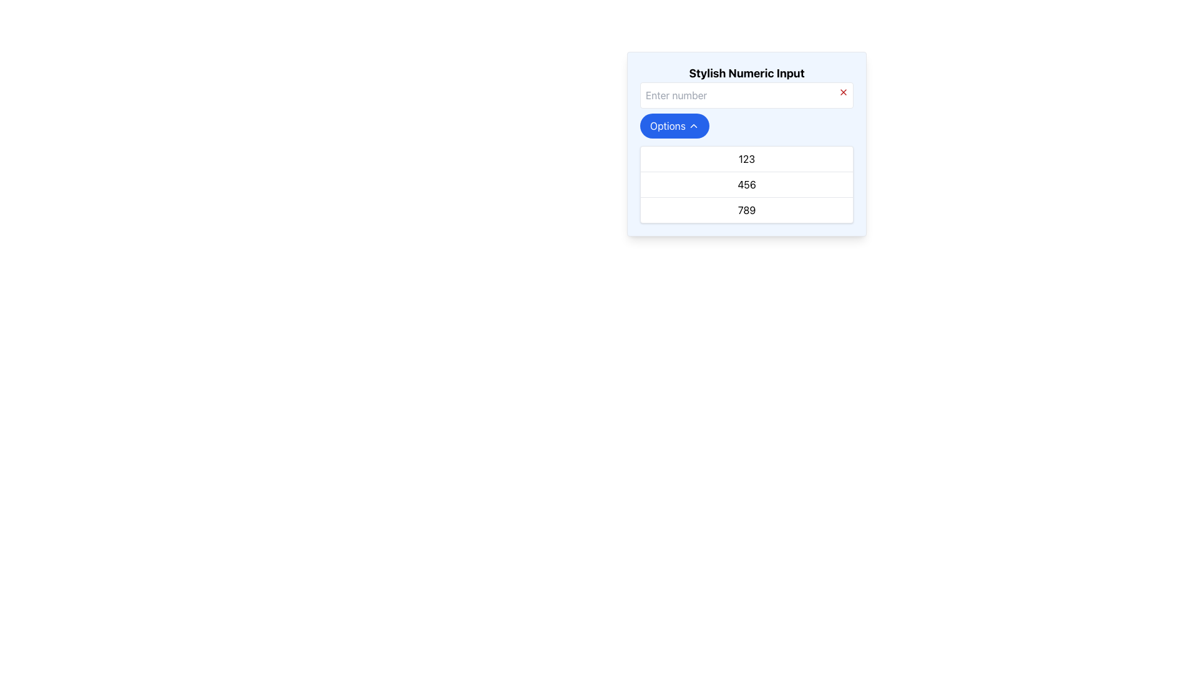 Image resolution: width=1198 pixels, height=674 pixels. Describe the element at coordinates (746, 97) in the screenshot. I see `the clear button, represented by a small red 'X' icon, located at the top-right of the horizontal text input box in the 'Stylish Numeric Input' interface` at that location.